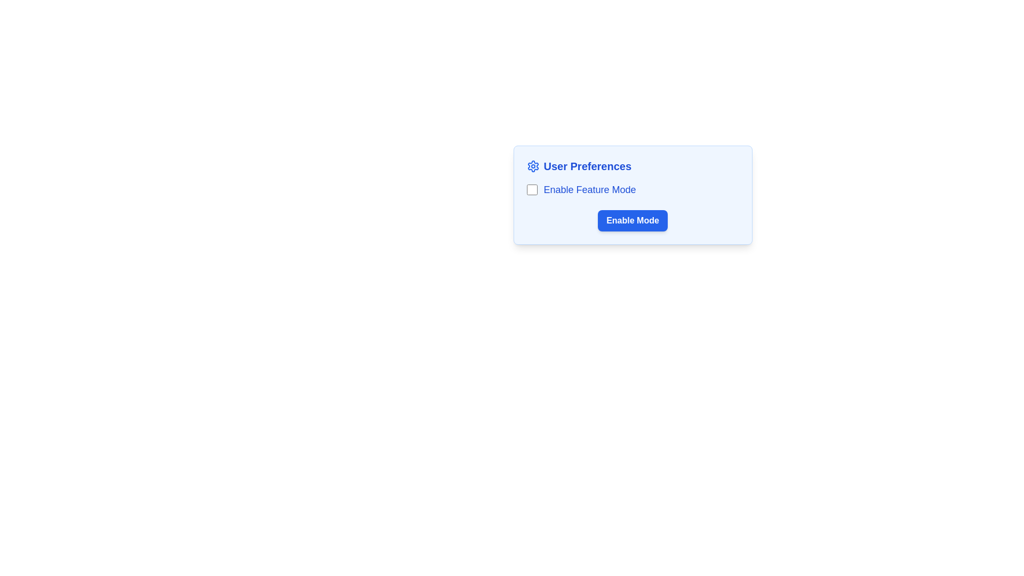 This screenshot has height=576, width=1024. What do you see at coordinates (533, 166) in the screenshot?
I see `the settings icon located at the top-left corner of the 'User Preferences' section` at bounding box center [533, 166].